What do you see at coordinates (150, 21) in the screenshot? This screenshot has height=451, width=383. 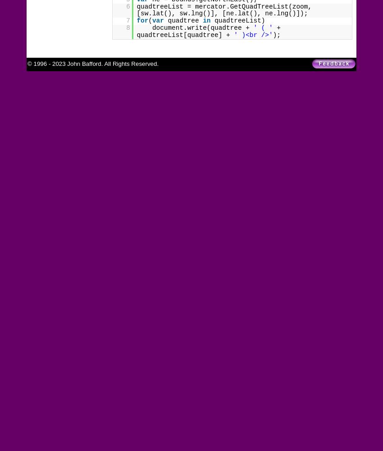 I see `'('` at bounding box center [150, 21].